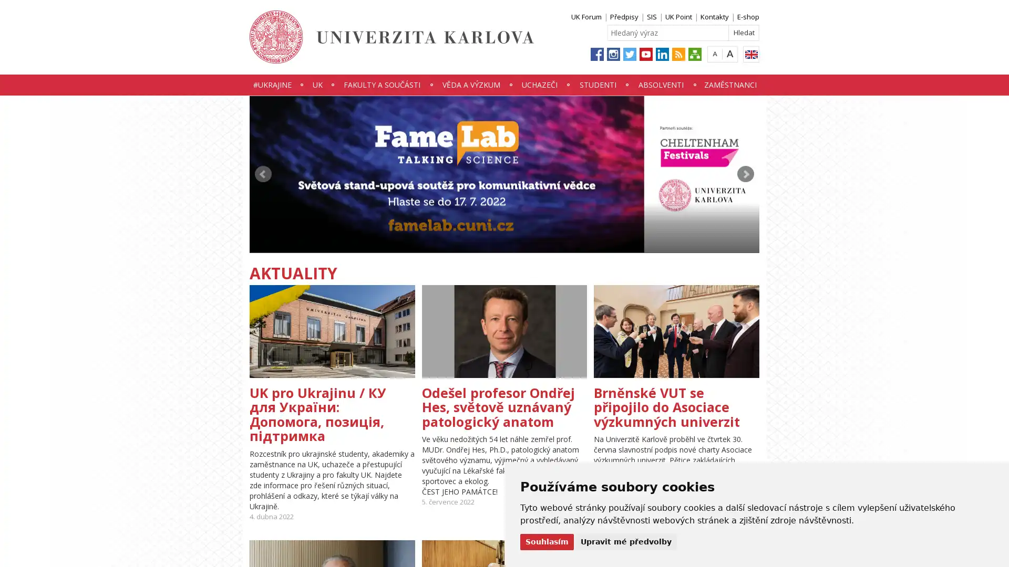 The width and height of the screenshot is (1009, 567). What do you see at coordinates (743, 32) in the screenshot?
I see `Hledat` at bounding box center [743, 32].